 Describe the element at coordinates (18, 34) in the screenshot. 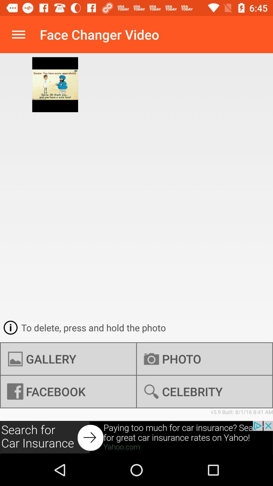

I see `options button` at that location.